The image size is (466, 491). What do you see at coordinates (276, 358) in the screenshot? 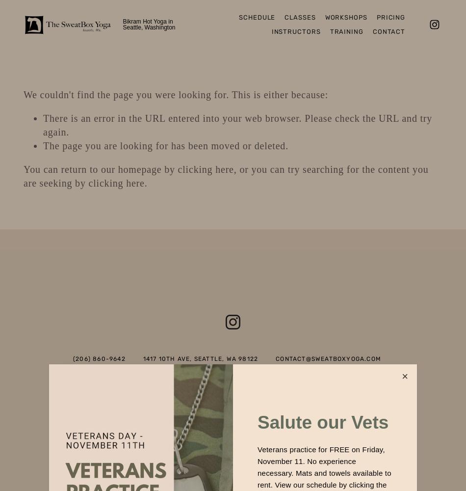
I see `'contact@sweatboxyoga.com'` at bounding box center [276, 358].